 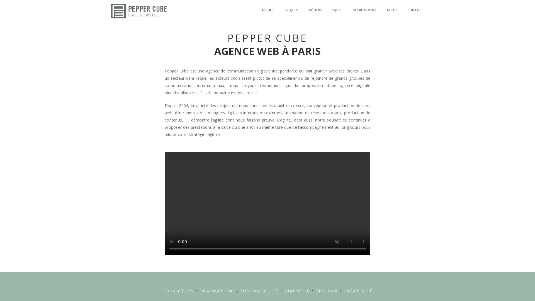 I want to click on enter full screen, so click(x=350, y=241).